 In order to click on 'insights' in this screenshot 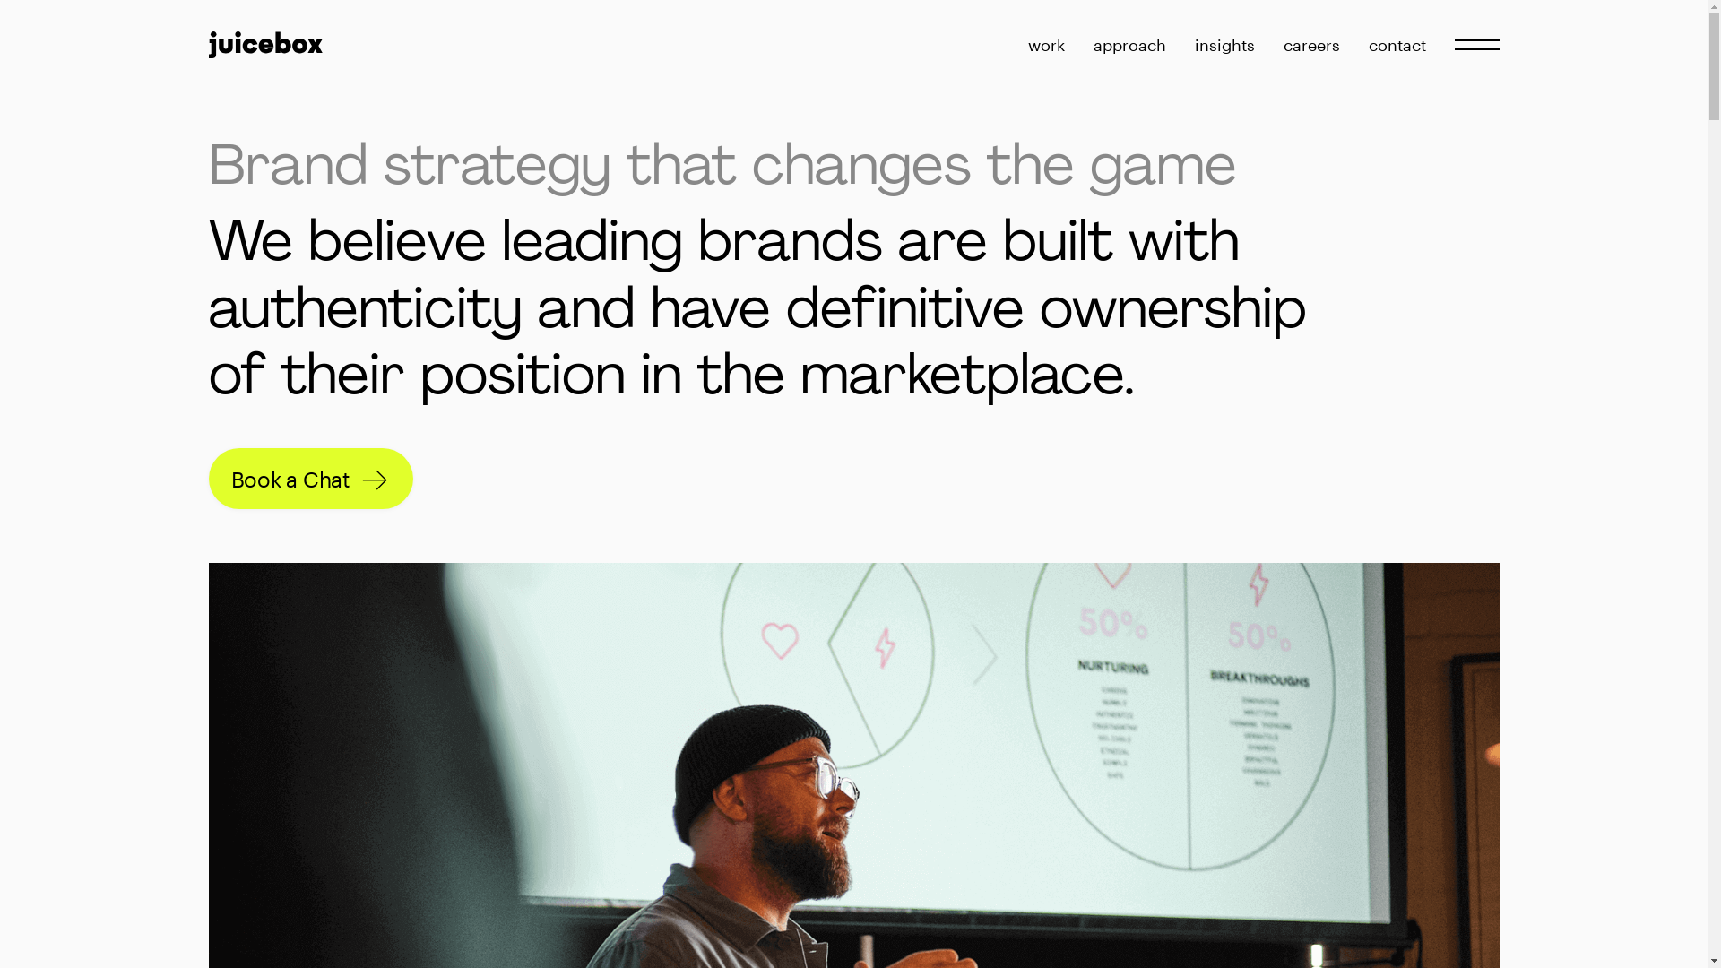, I will do `click(1223, 43)`.